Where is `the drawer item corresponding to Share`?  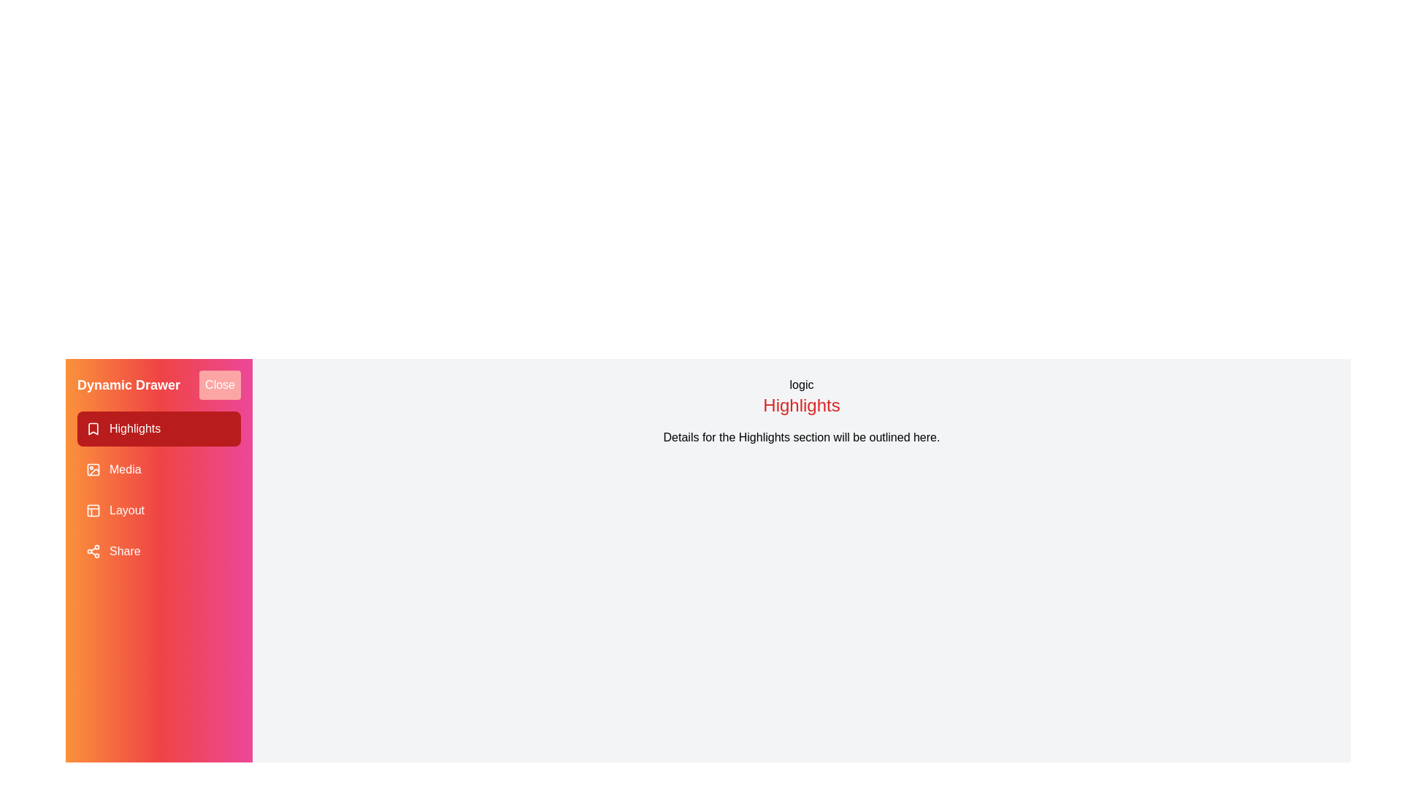 the drawer item corresponding to Share is located at coordinates (158, 552).